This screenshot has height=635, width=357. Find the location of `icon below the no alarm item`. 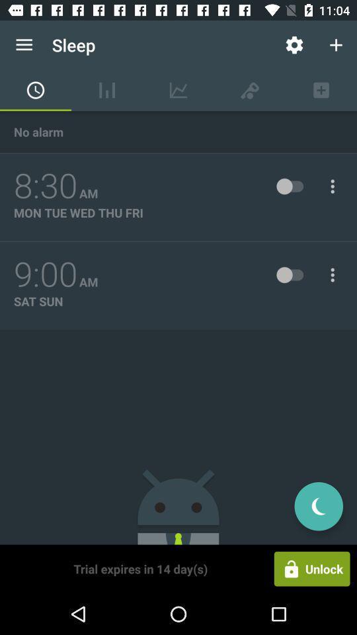

icon below the no alarm item is located at coordinates (45, 185).